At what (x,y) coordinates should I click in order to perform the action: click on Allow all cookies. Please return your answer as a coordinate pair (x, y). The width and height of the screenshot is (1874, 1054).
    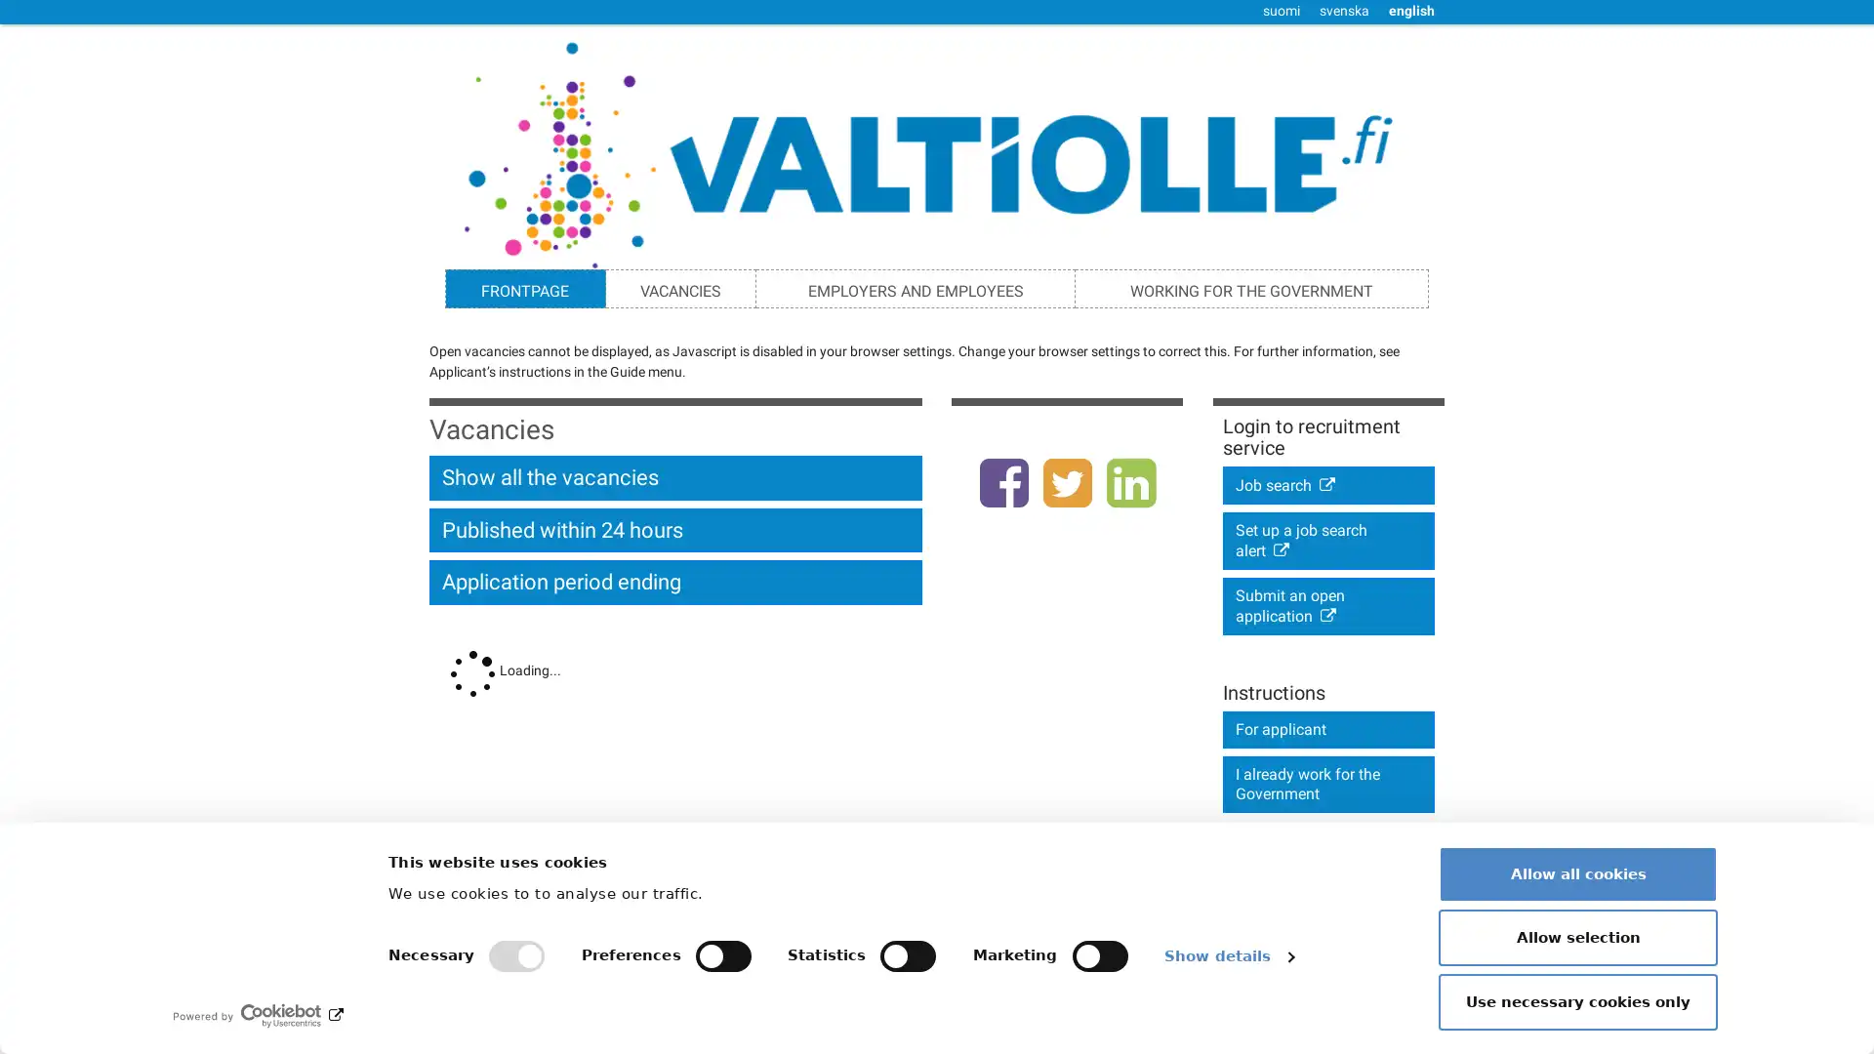
    Looking at the image, I should click on (1578, 872).